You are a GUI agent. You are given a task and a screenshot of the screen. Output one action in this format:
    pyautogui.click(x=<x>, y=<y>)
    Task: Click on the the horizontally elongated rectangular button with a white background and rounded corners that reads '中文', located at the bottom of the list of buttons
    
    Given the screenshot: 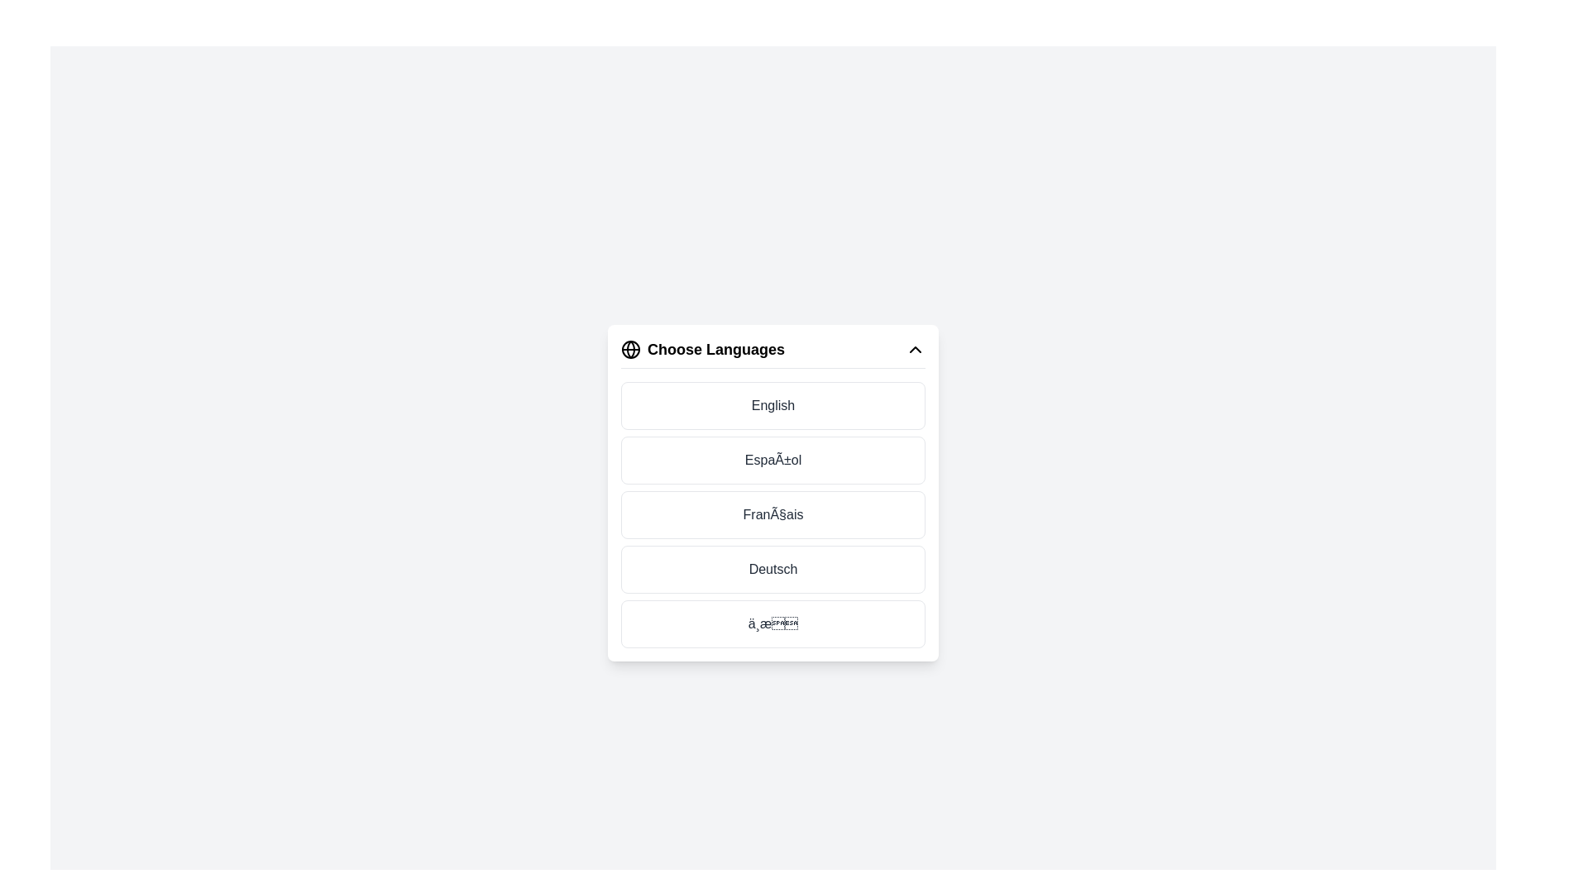 What is the action you would take?
    pyautogui.click(x=772, y=623)
    